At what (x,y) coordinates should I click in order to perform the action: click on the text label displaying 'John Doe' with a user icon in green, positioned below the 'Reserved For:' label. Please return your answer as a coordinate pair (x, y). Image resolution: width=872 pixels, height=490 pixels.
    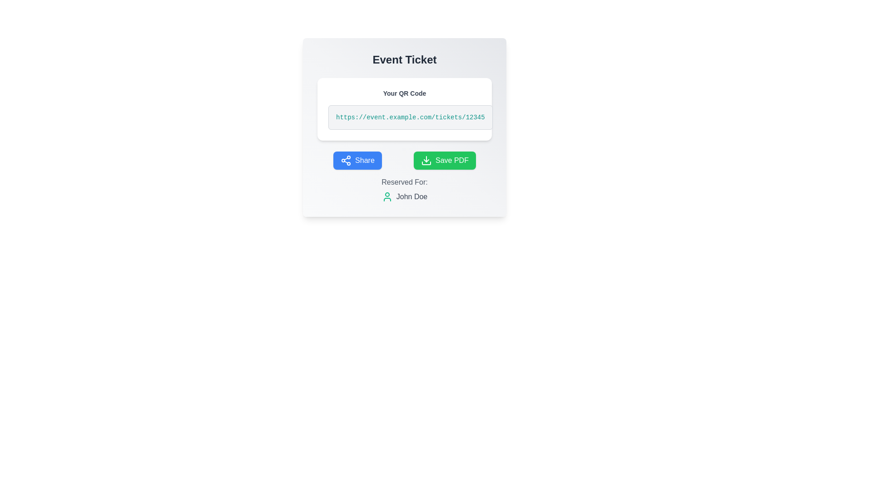
    Looking at the image, I should click on (404, 196).